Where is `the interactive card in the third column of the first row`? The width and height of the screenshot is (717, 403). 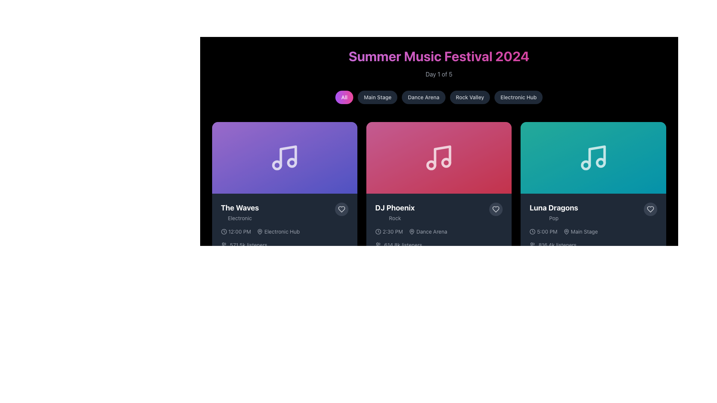 the interactive card in the third column of the first row is located at coordinates (593, 201).